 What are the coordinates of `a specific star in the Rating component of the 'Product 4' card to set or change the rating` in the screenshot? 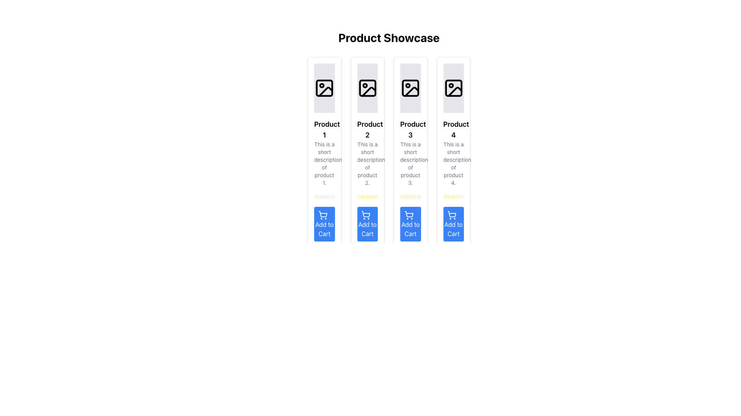 It's located at (453, 196).